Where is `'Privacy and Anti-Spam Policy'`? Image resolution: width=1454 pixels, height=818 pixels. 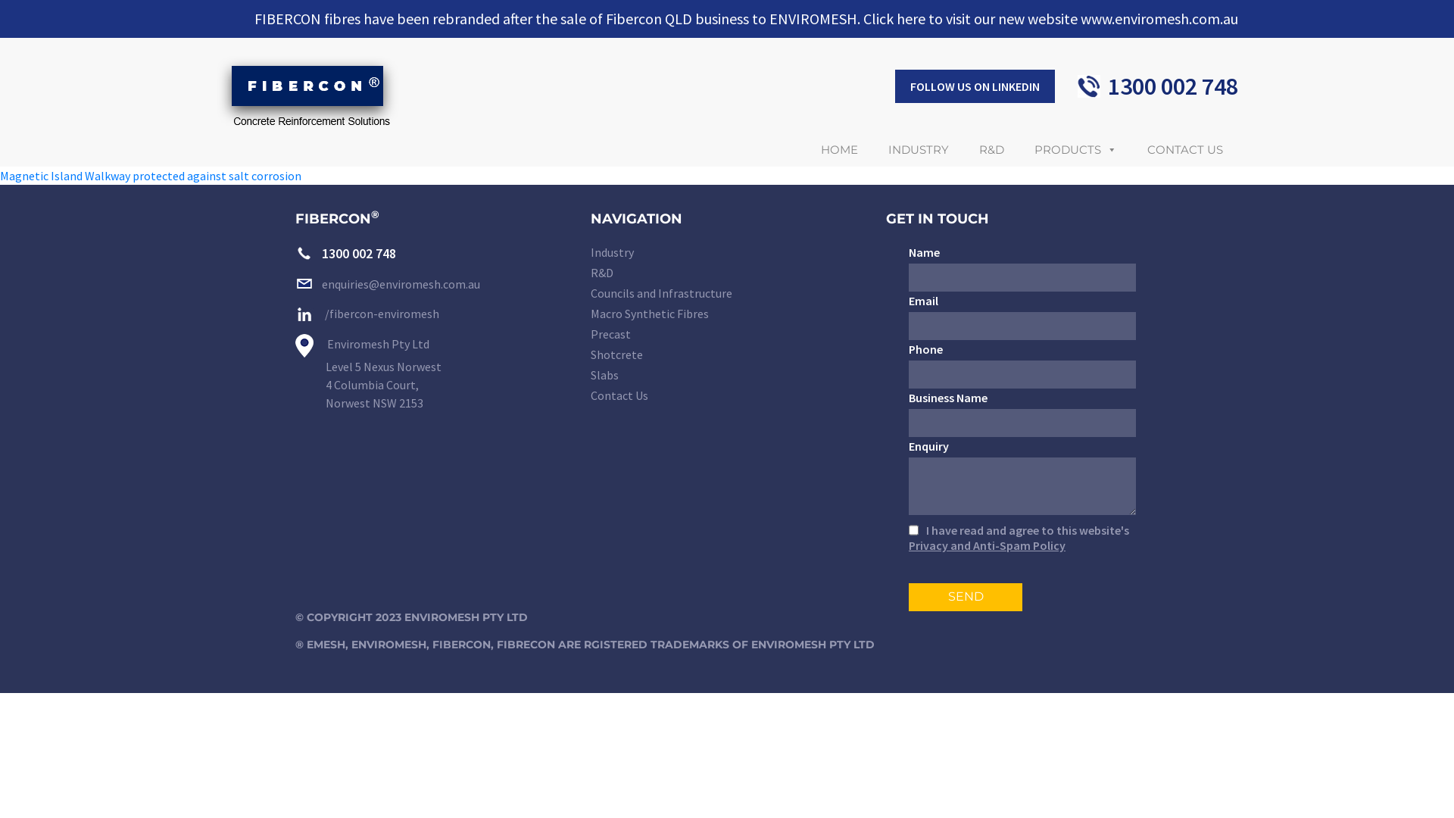
'Privacy and Anti-Spam Policy' is located at coordinates (987, 545).